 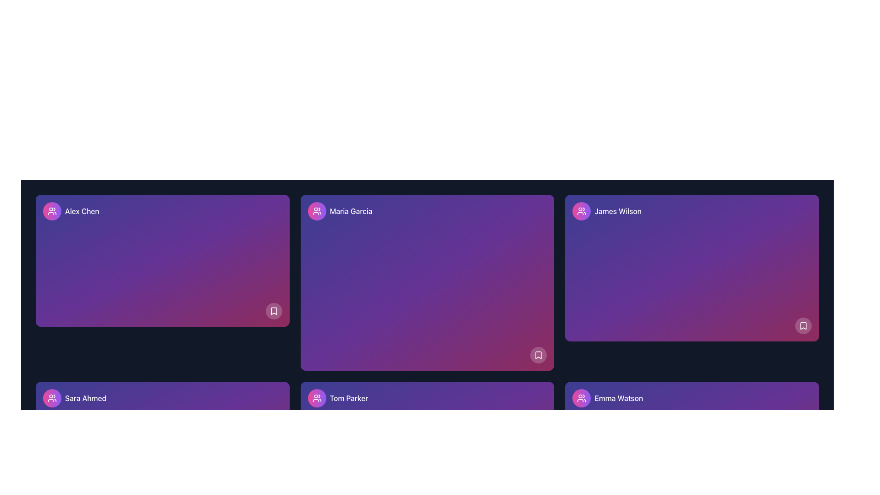 What do you see at coordinates (539, 355) in the screenshot?
I see `the bookmark icon button with a distinctive outline style located in the bottom-right corner of the card labeled 'Maria Garcia'` at bounding box center [539, 355].